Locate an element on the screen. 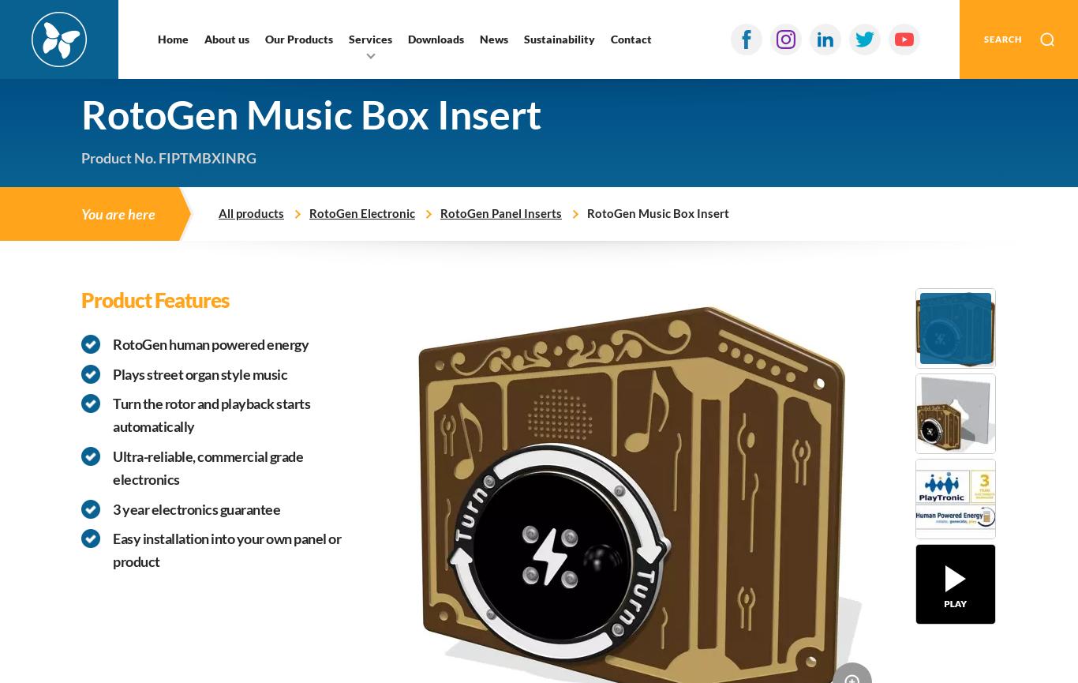  'Product No. FIPTMBXINRG' is located at coordinates (168, 156).